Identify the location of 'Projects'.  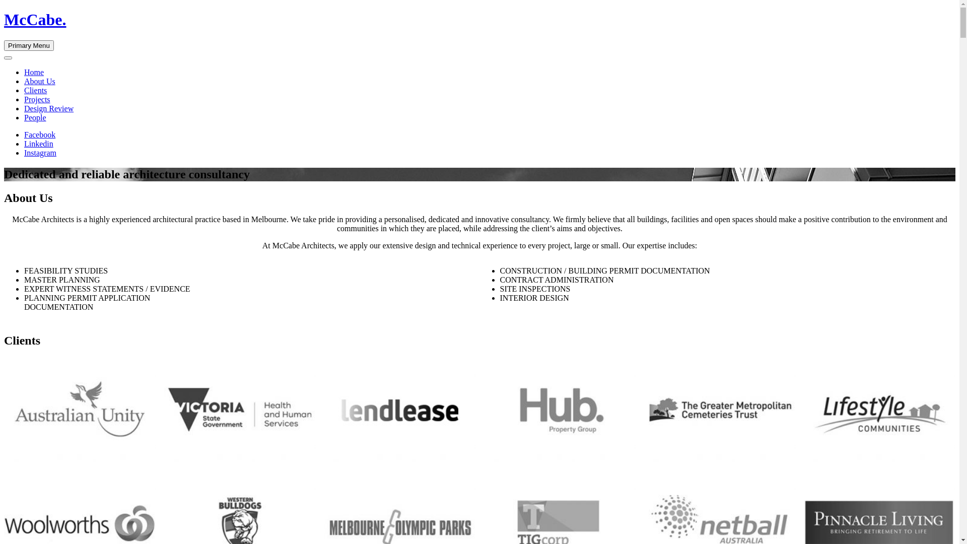
(24, 99).